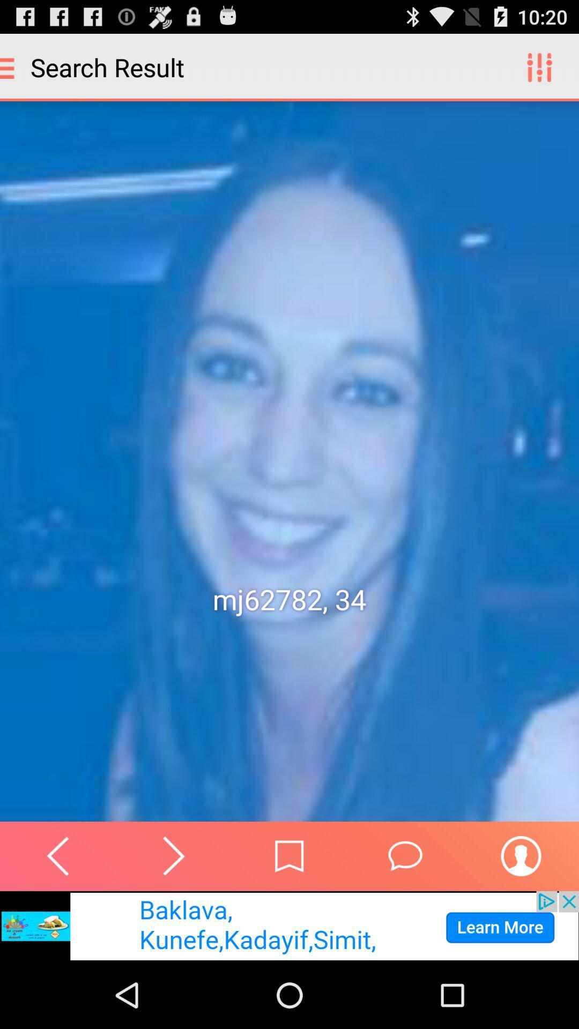 The image size is (579, 1029). I want to click on undo, so click(58, 855).